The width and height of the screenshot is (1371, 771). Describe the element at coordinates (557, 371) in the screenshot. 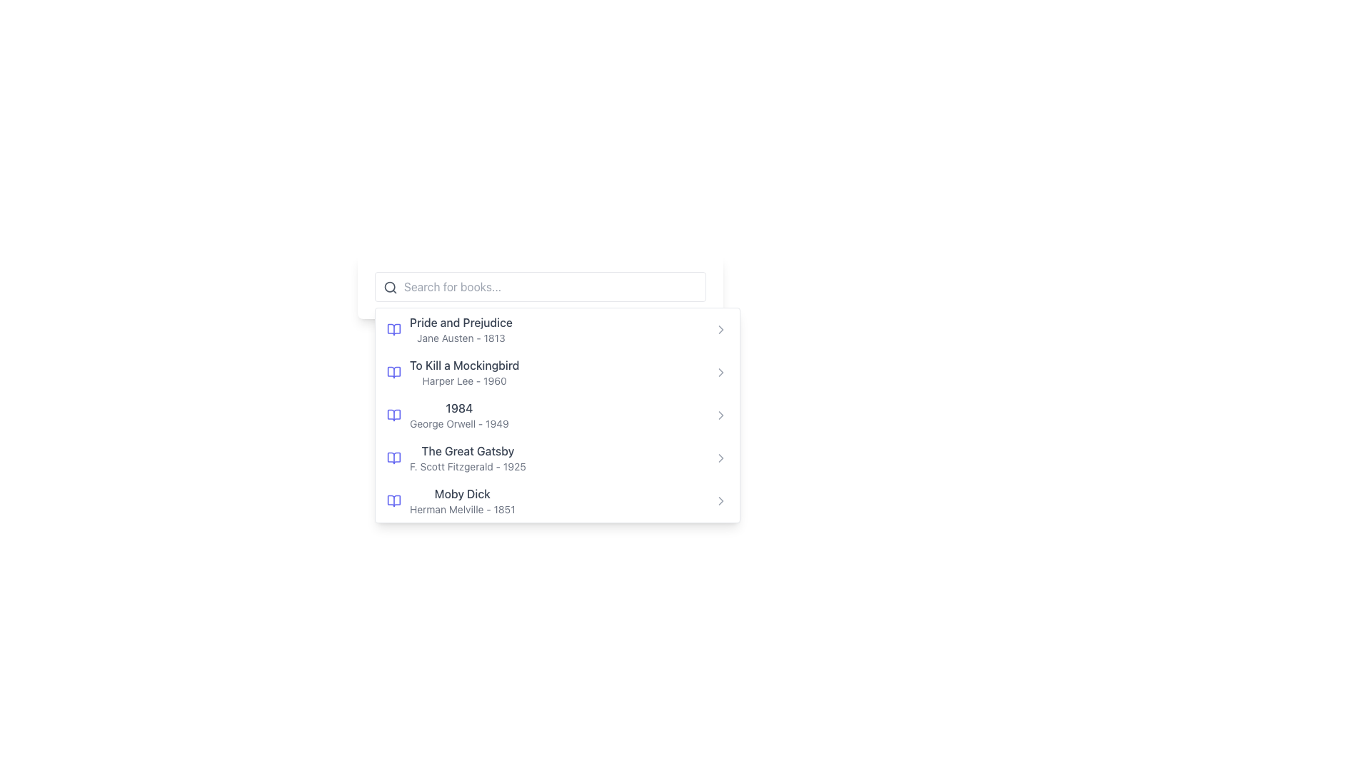

I see `the second list item representing the book 'To Kill a Mockingbird'` at that location.